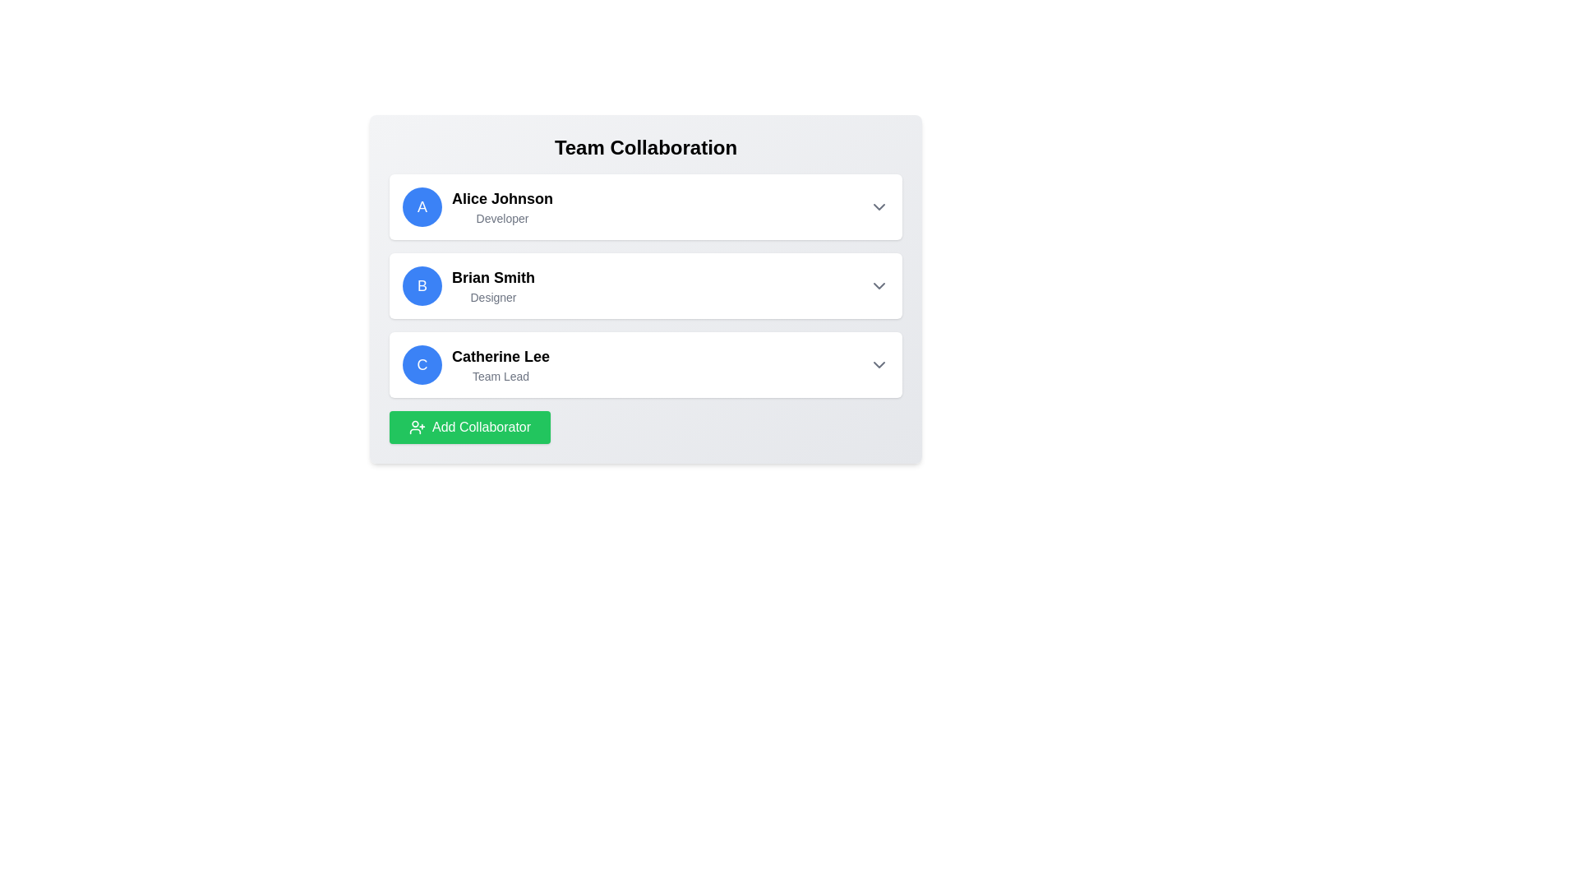  Describe the element at coordinates (422, 206) in the screenshot. I see `the Circular icon badge that represents the user 'Alice Johnson', located to the left of their name in the topmost section of the vertical list` at that location.